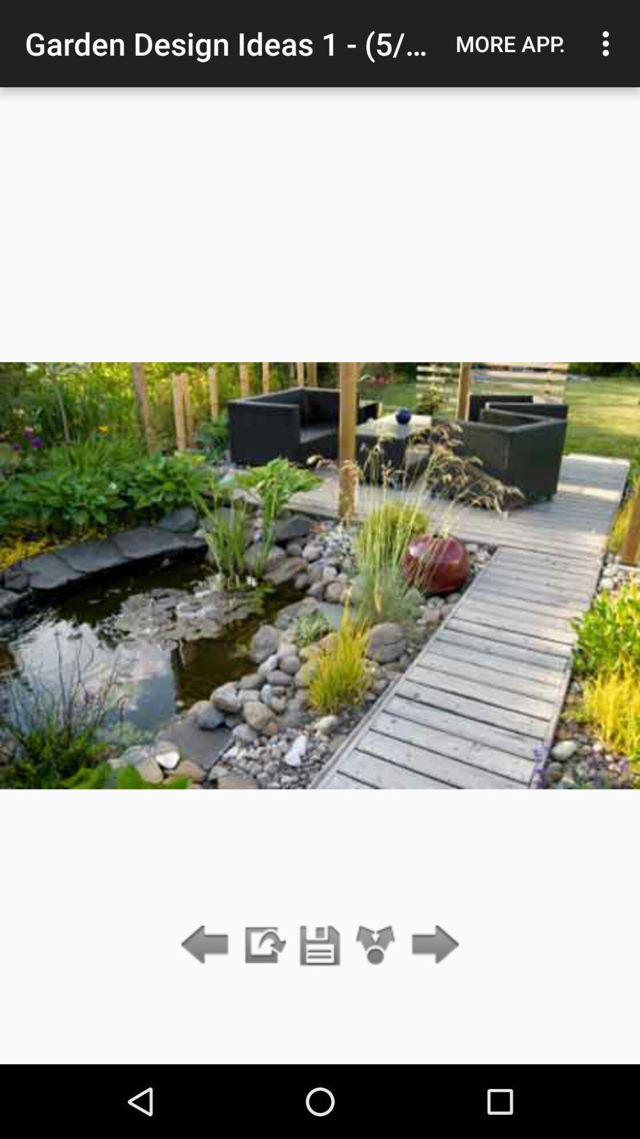 The image size is (640, 1139). What do you see at coordinates (320, 945) in the screenshot?
I see `the image` at bounding box center [320, 945].